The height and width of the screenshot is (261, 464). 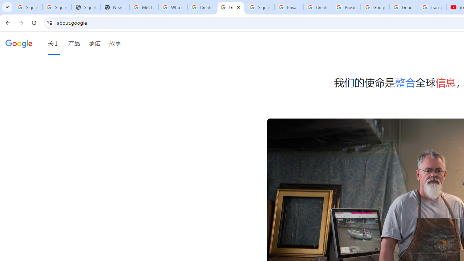 I want to click on 'Sign in - Google Accounts', so click(x=260, y=7).